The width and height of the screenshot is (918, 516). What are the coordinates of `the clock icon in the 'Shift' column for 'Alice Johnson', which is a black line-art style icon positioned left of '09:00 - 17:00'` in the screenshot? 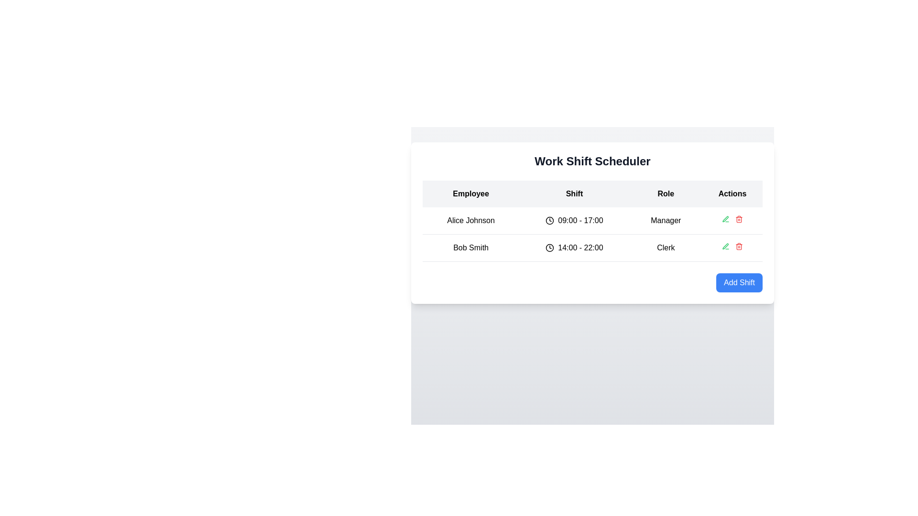 It's located at (550, 221).